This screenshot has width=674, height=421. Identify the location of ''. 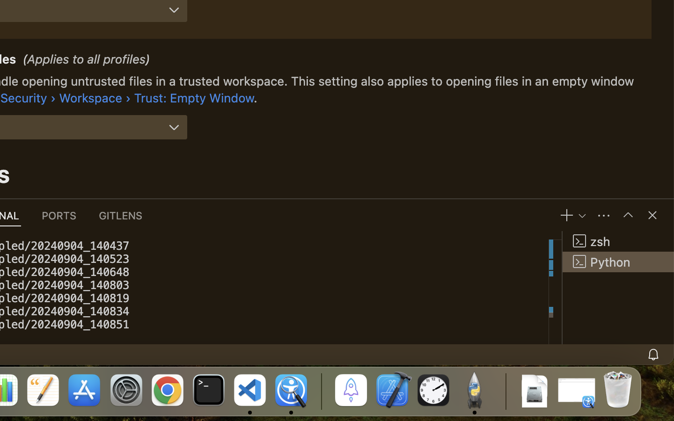
(627, 214).